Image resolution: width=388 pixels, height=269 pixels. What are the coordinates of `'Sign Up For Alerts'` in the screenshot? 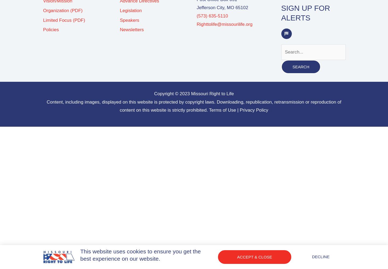 It's located at (305, 13).